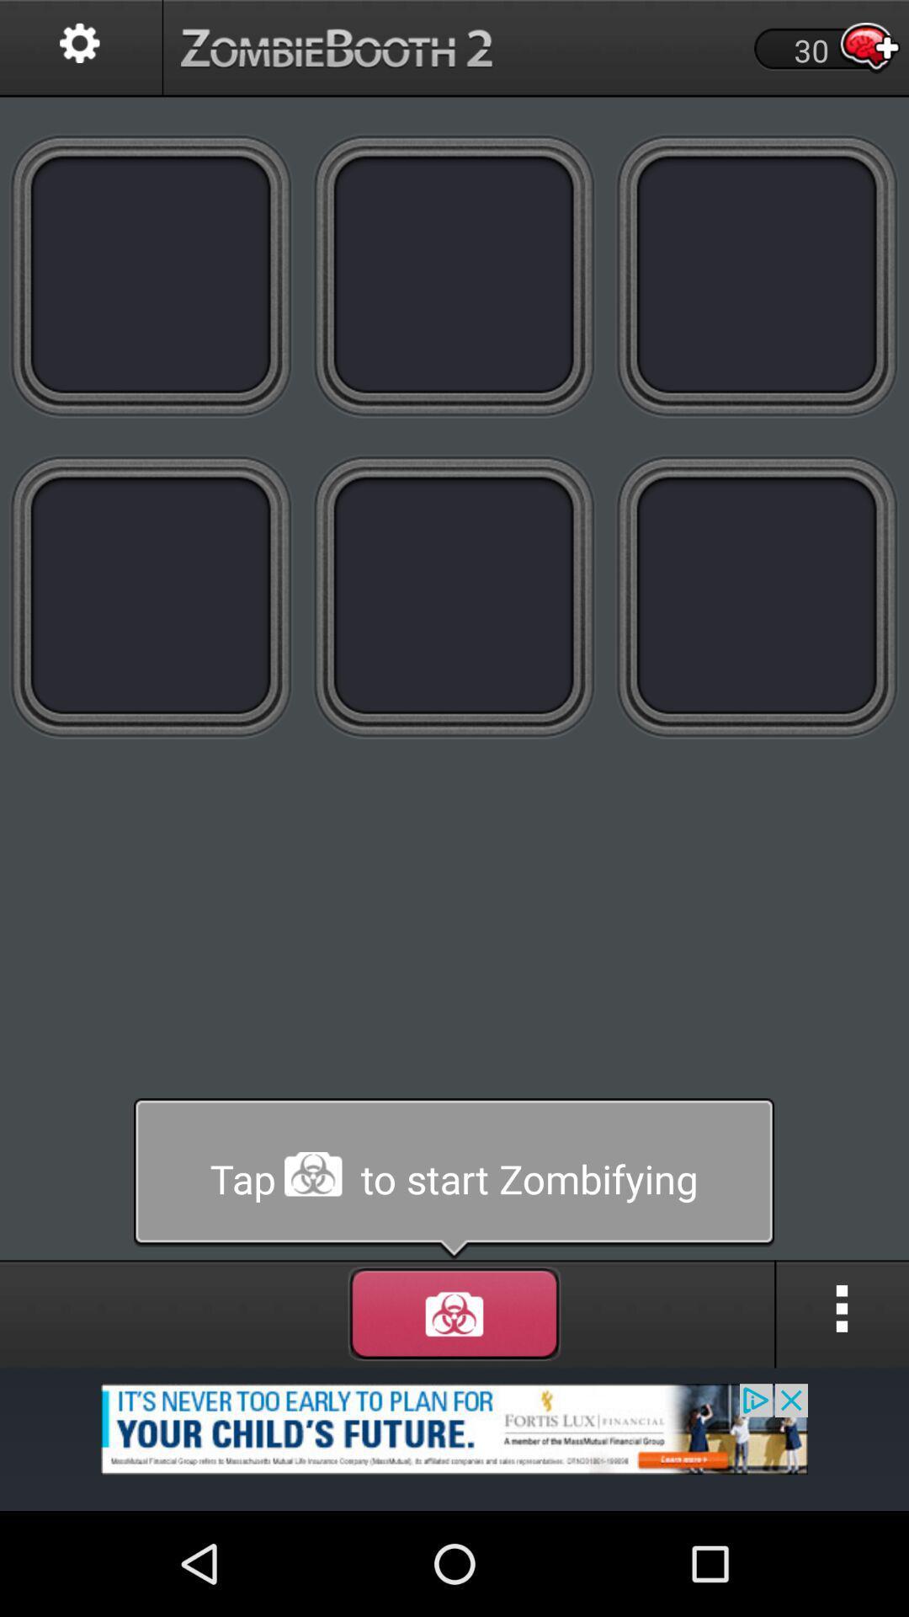  What do you see at coordinates (151, 275) in the screenshot?
I see `game page` at bounding box center [151, 275].